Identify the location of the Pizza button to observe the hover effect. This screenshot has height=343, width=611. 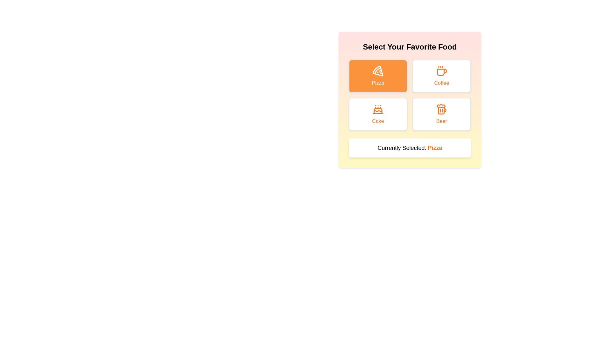
(378, 76).